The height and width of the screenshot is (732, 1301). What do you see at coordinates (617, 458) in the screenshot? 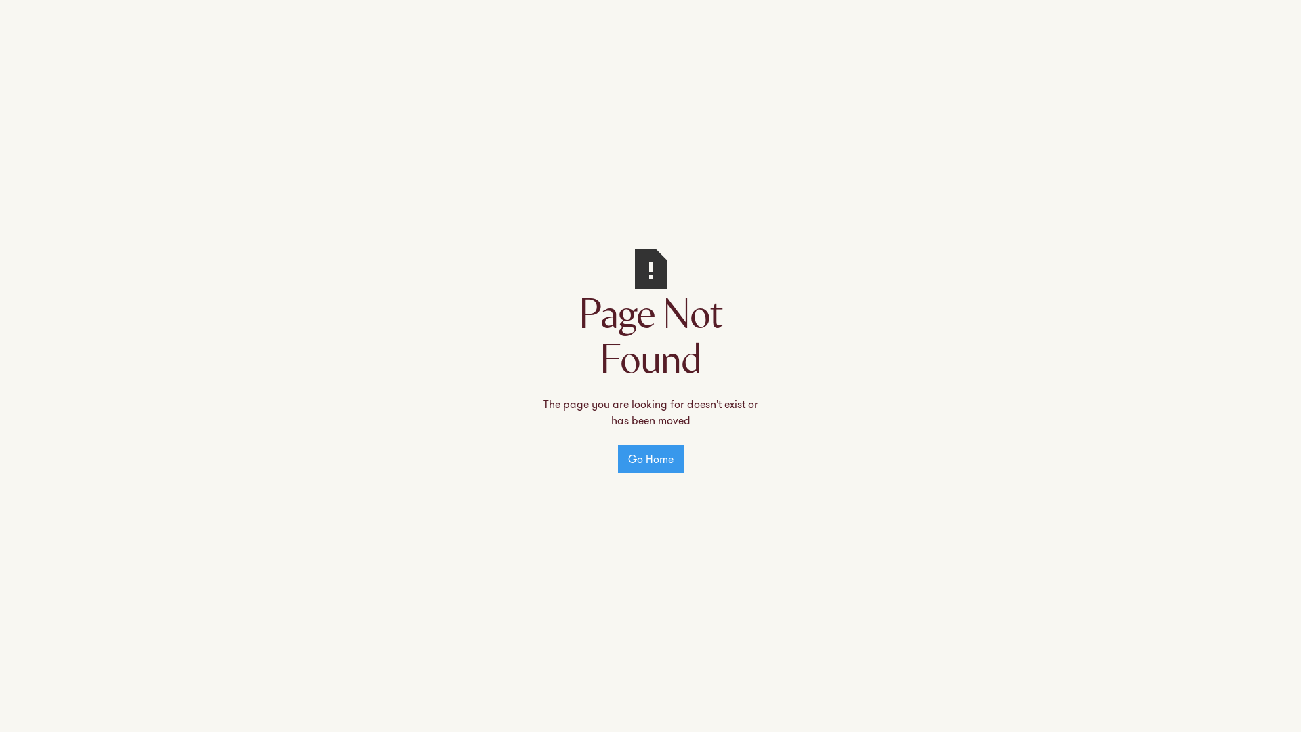
I see `'Go Home'` at bounding box center [617, 458].